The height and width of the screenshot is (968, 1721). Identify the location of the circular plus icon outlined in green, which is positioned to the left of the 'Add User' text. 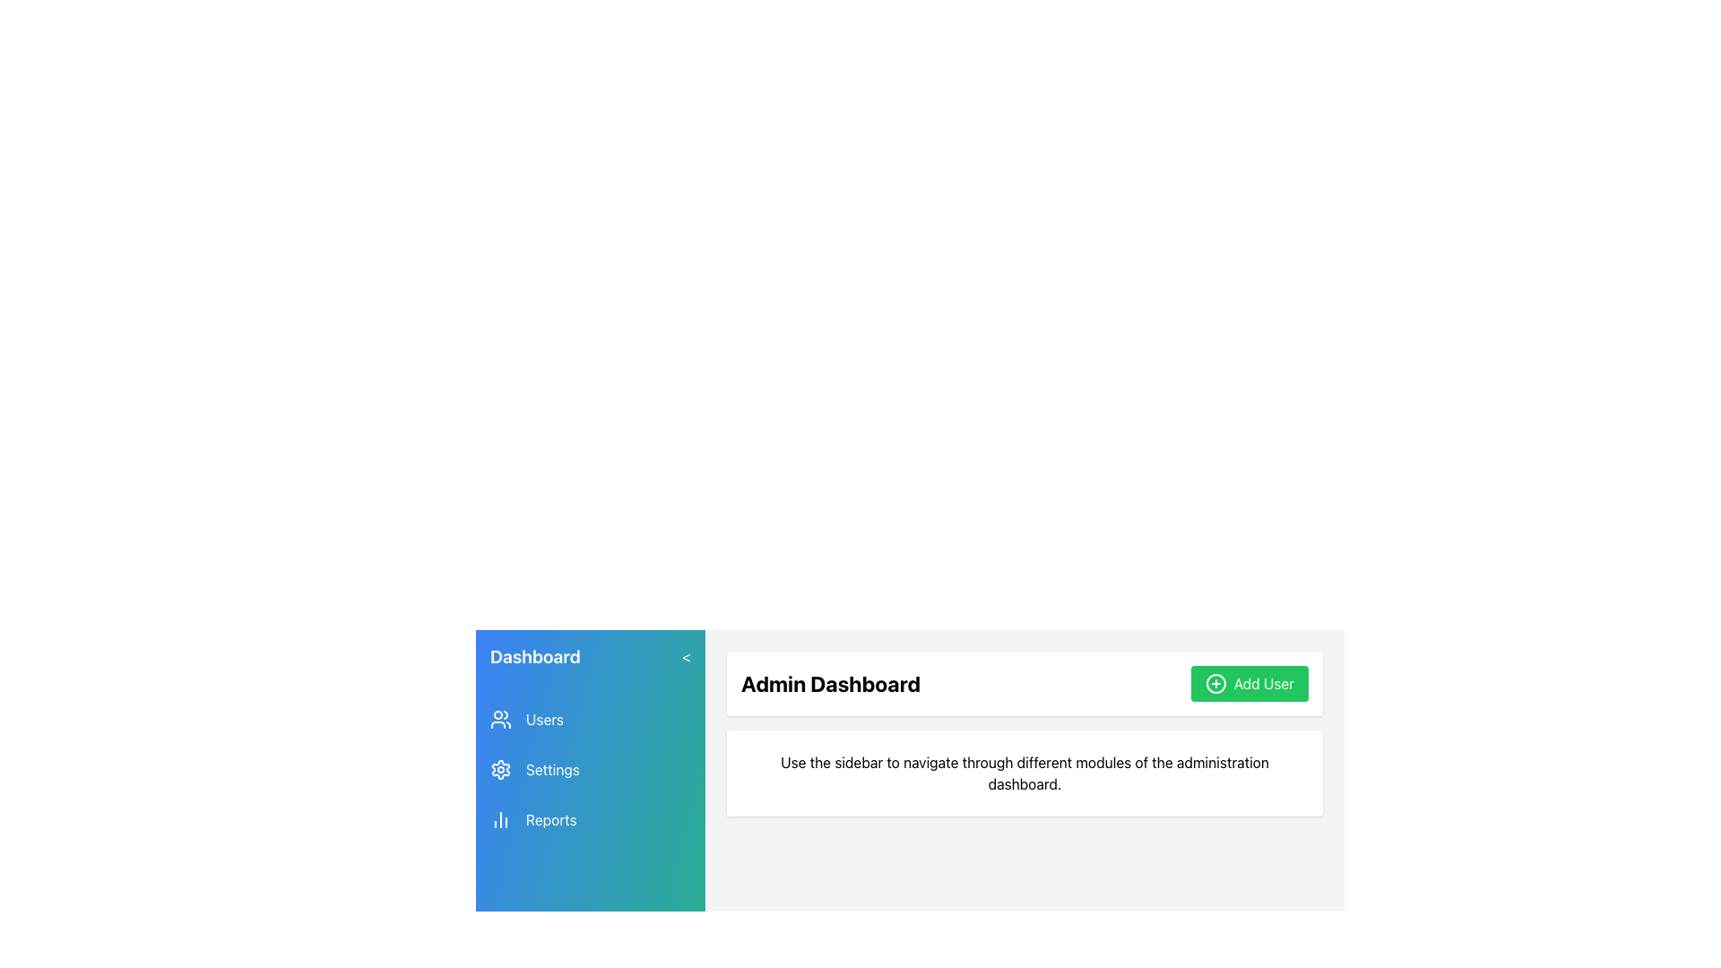
(1215, 684).